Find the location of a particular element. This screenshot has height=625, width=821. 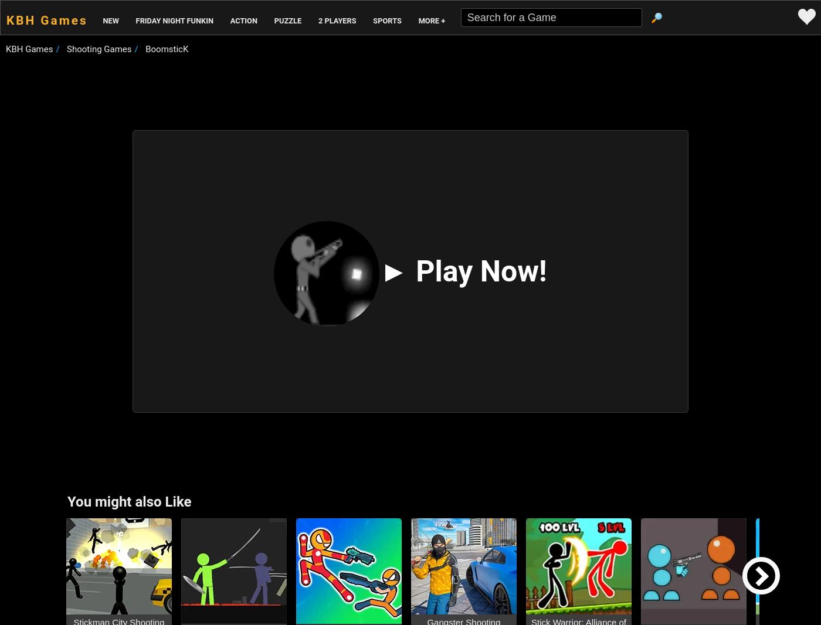

'Shooting Games' is located at coordinates (99, 49).